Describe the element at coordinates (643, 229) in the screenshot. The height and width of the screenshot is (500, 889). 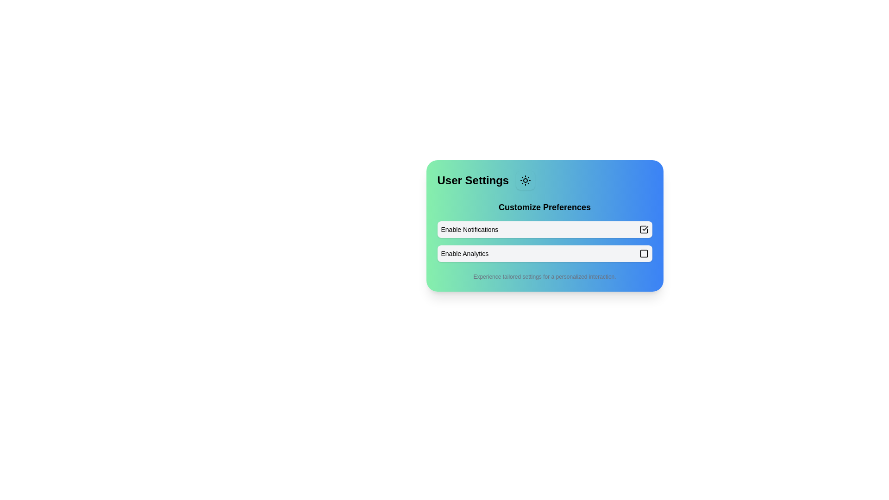
I see `the checkbox located to the right of the 'Enable Notifications' label` at that location.